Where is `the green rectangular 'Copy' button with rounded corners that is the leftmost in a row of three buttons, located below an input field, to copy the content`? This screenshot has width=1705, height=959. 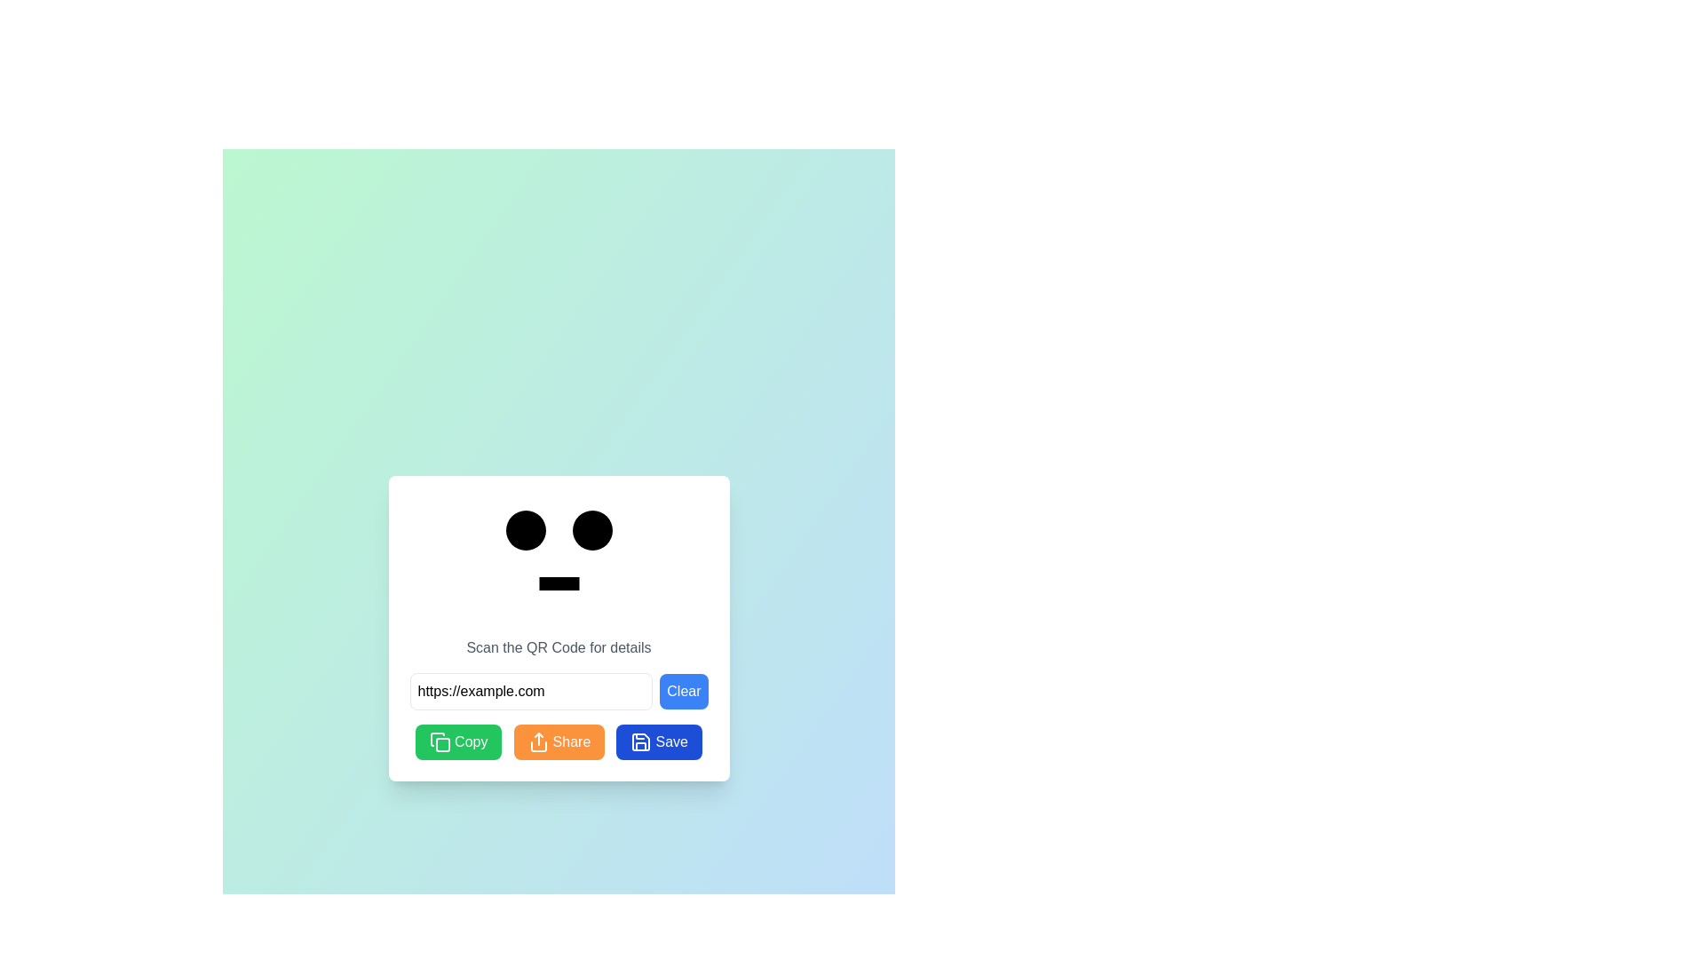
the green rectangular 'Copy' button with rounded corners that is the leftmost in a row of three buttons, located below an input field, to copy the content is located at coordinates (458, 742).